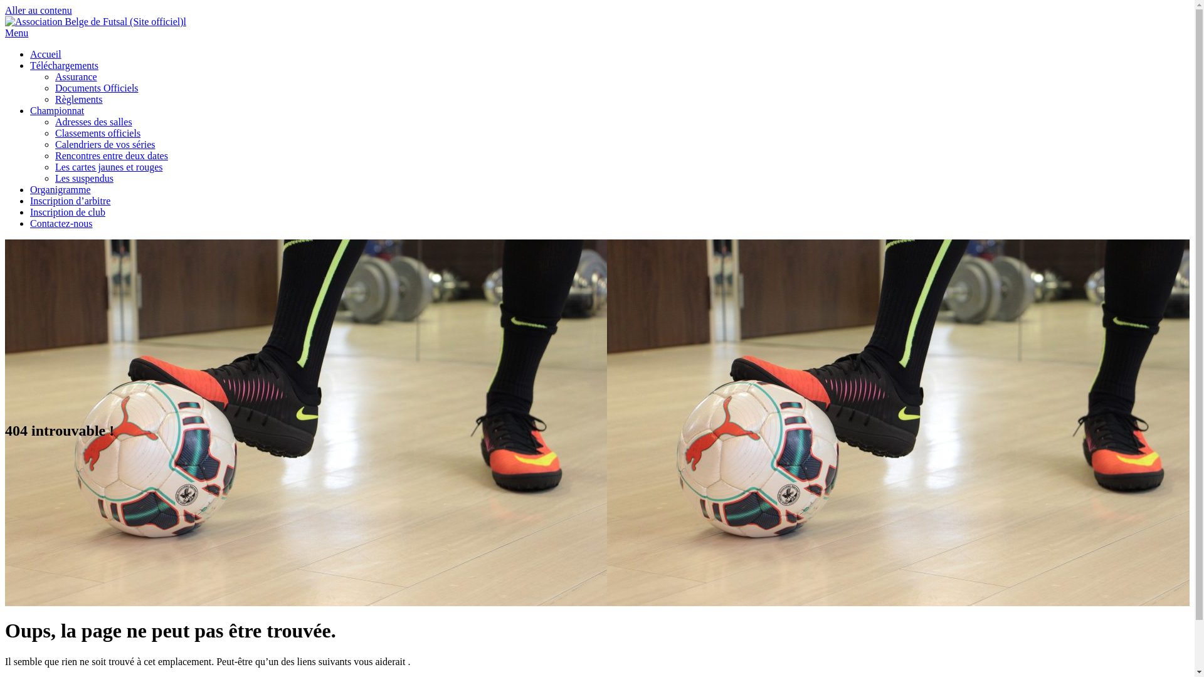  What do you see at coordinates (38, 10) in the screenshot?
I see `'Aller au contenu'` at bounding box center [38, 10].